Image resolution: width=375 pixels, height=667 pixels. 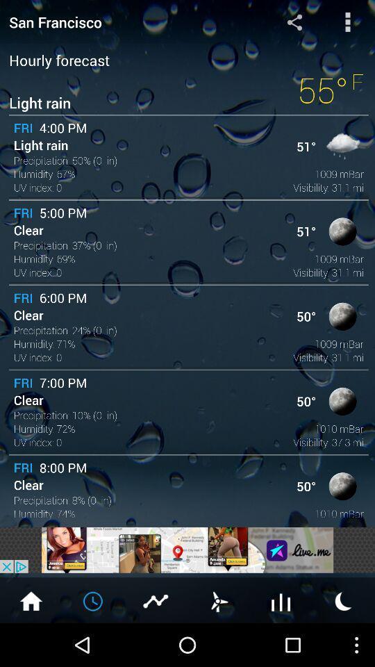 What do you see at coordinates (343, 600) in the screenshot?
I see `turns on night mode` at bounding box center [343, 600].